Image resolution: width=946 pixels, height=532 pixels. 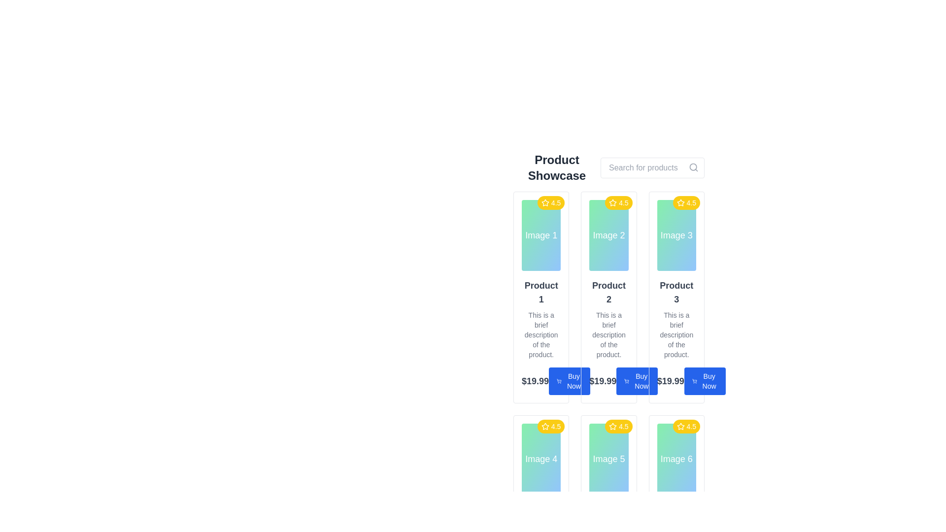 I want to click on the bold textual label 'Product Showcase' which is displayed in large, dark-gray font on a white background, located on the left side of the search bar, so click(x=557, y=167).